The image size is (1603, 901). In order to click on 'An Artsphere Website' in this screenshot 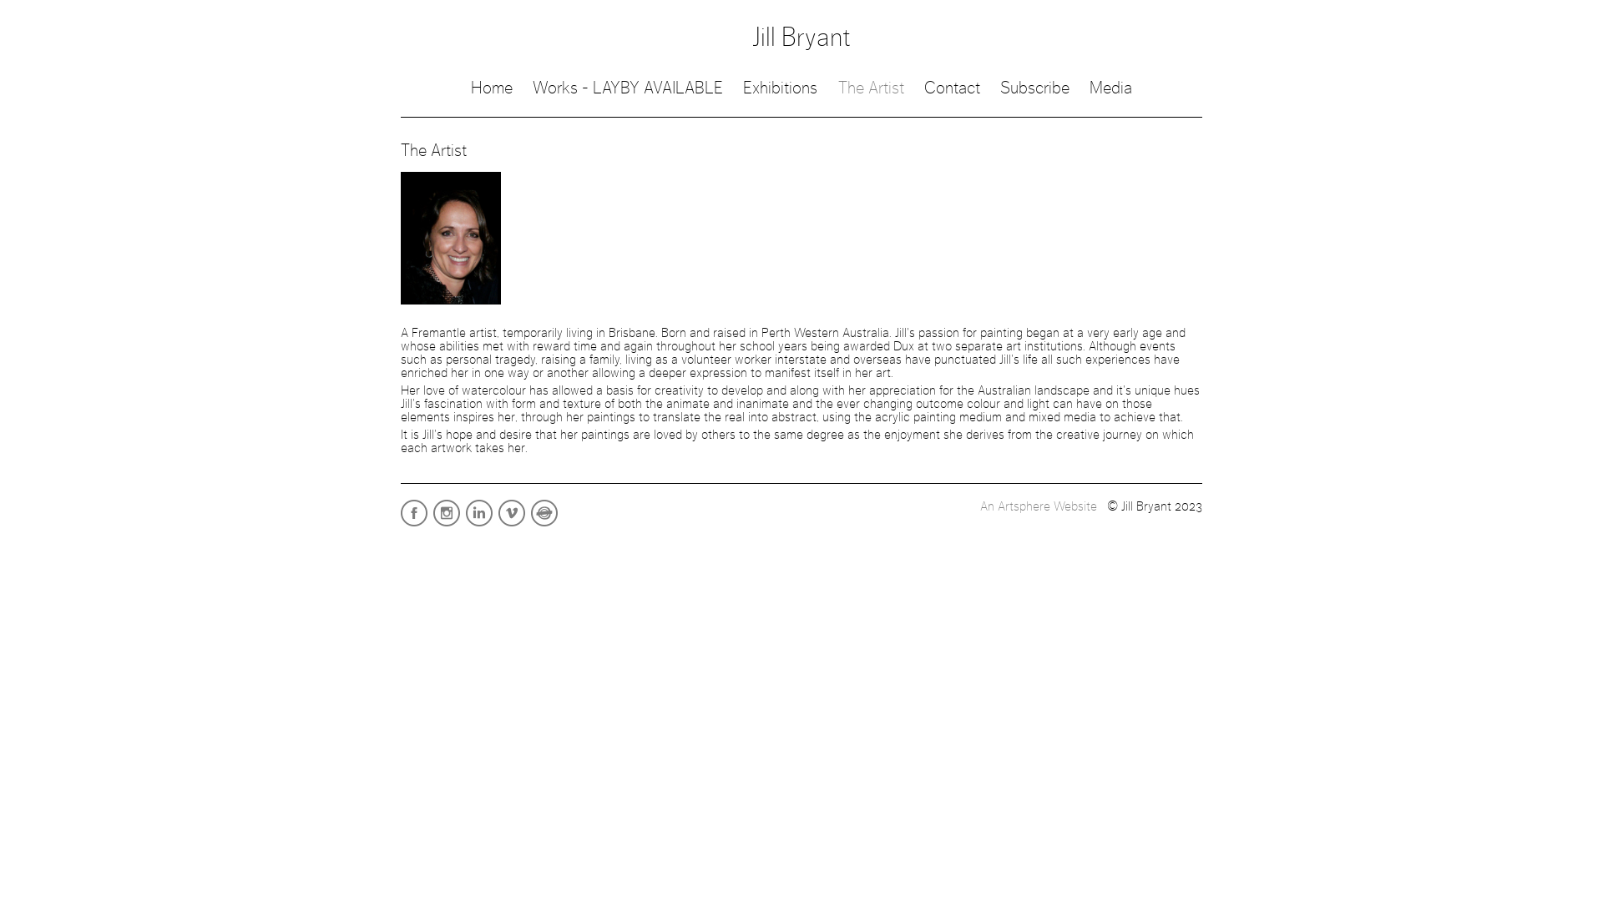, I will do `click(1037, 505)`.